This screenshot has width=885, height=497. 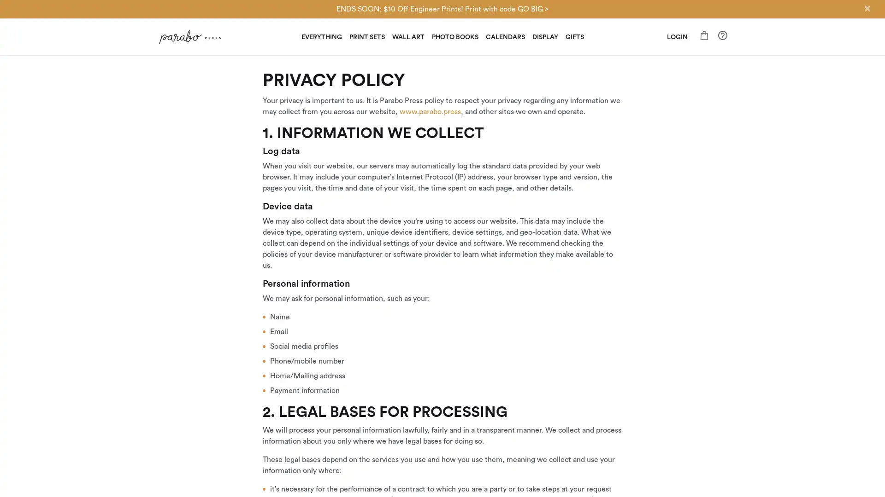 What do you see at coordinates (506, 354) in the screenshot?
I see `subscribe` at bounding box center [506, 354].